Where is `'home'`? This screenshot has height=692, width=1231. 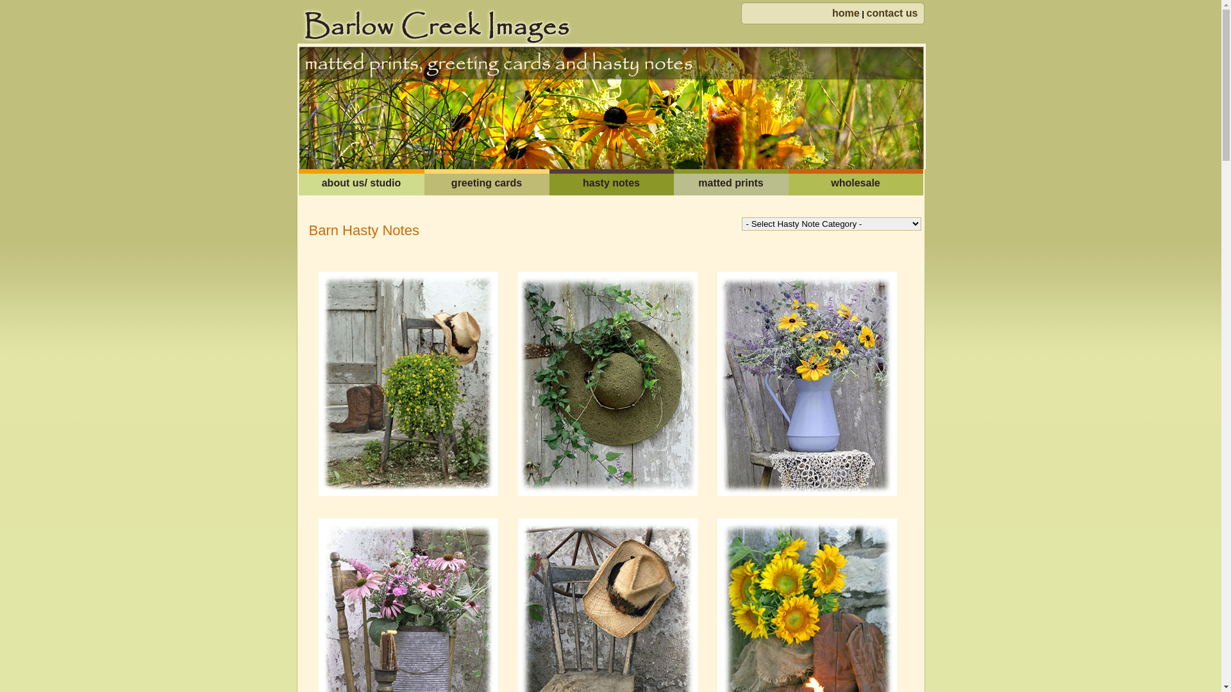
'home' is located at coordinates (846, 13).